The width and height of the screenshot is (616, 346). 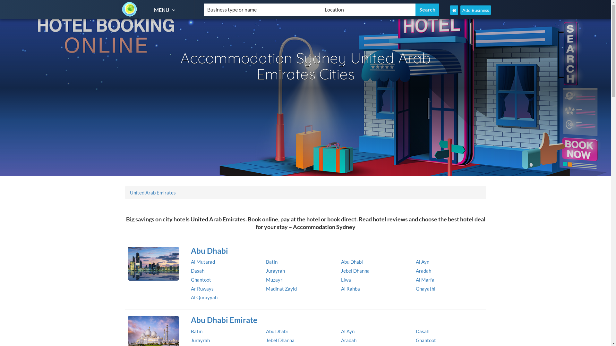 What do you see at coordinates (475, 10) in the screenshot?
I see `'Add Business'` at bounding box center [475, 10].